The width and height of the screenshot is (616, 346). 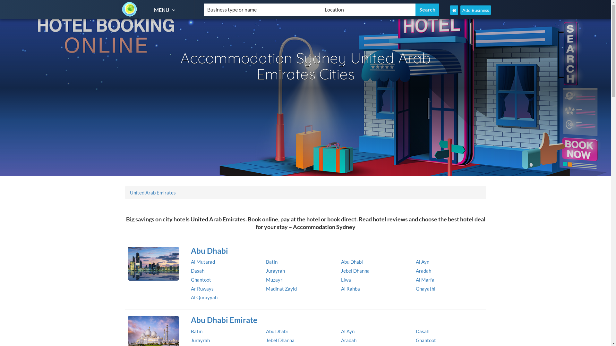 What do you see at coordinates (475, 10) in the screenshot?
I see `'Add Business'` at bounding box center [475, 10].